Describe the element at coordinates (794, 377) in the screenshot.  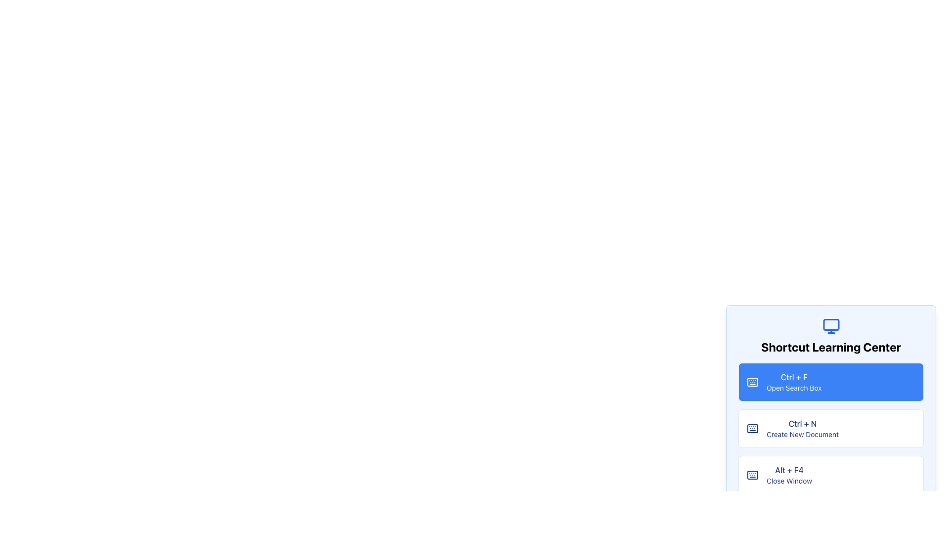
I see `the text label displaying 'Ctrl + F' in white font on a blue background, positioned at the top of the Shortcut Learning Center section` at that location.